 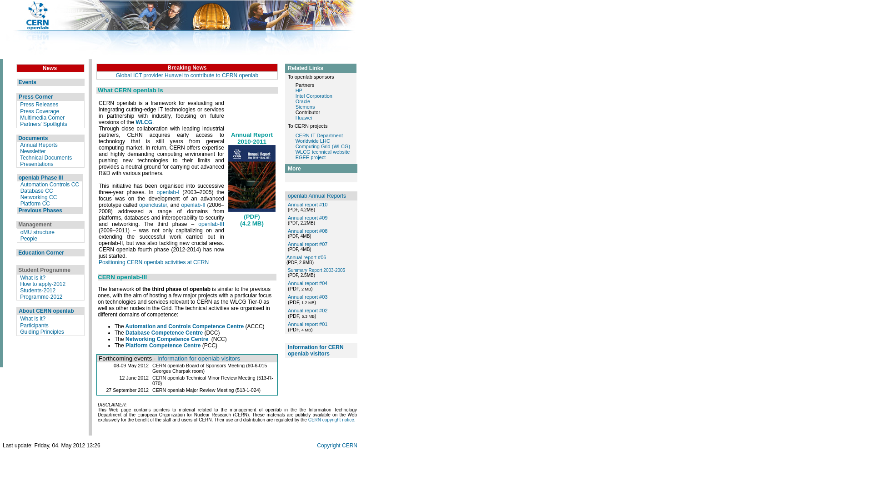 What do you see at coordinates (287, 270) in the screenshot?
I see `'Summary Report 2003-2005'` at bounding box center [287, 270].